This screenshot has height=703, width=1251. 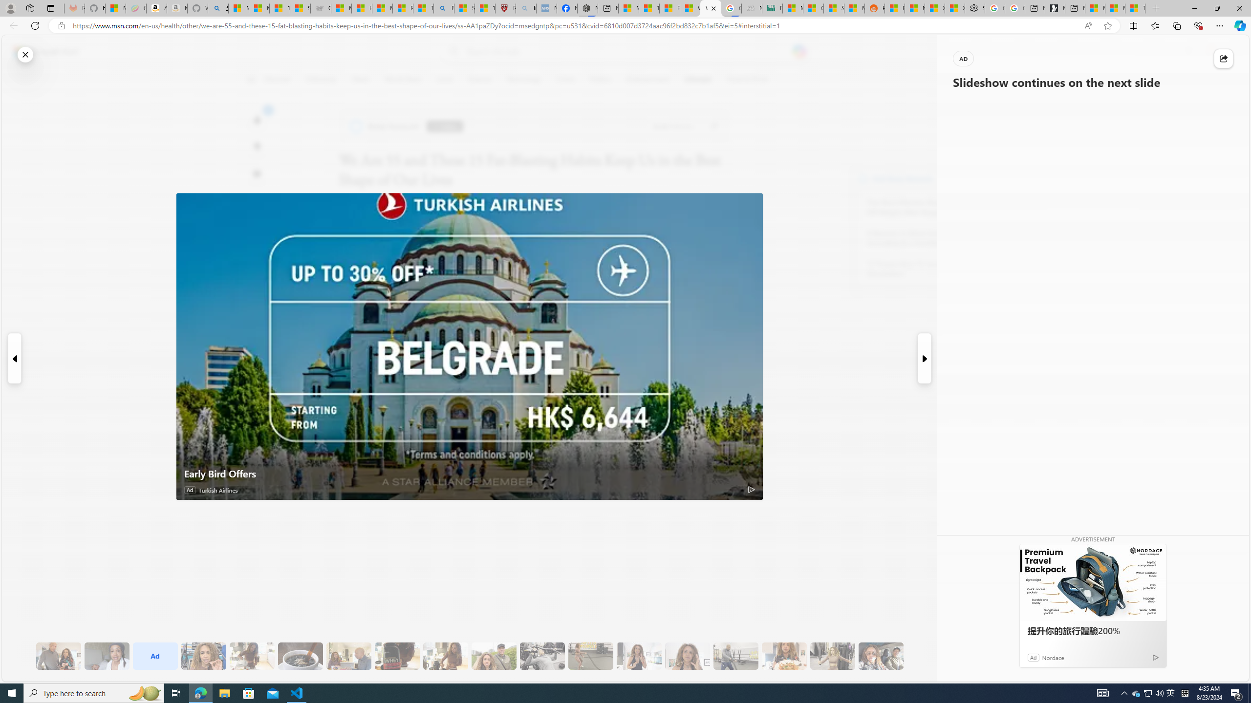 What do you see at coordinates (106, 656) in the screenshot?
I see `'1 We Eat a Protein-Packed Pre-Workout Snack'` at bounding box center [106, 656].